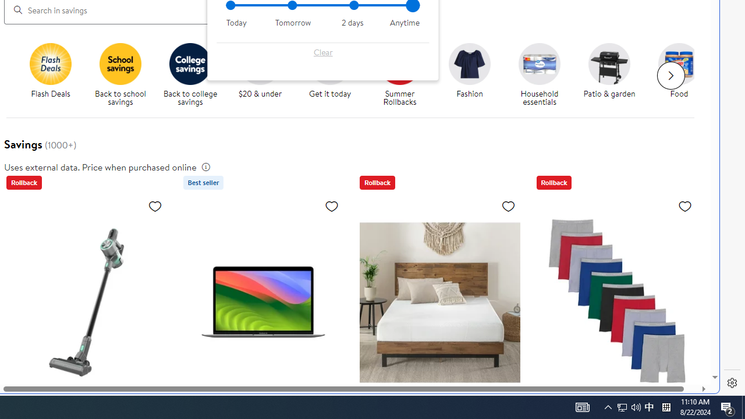 This screenshot has height=419, width=745. I want to click on 'Back to College savings Back to college savings', so click(190, 75).